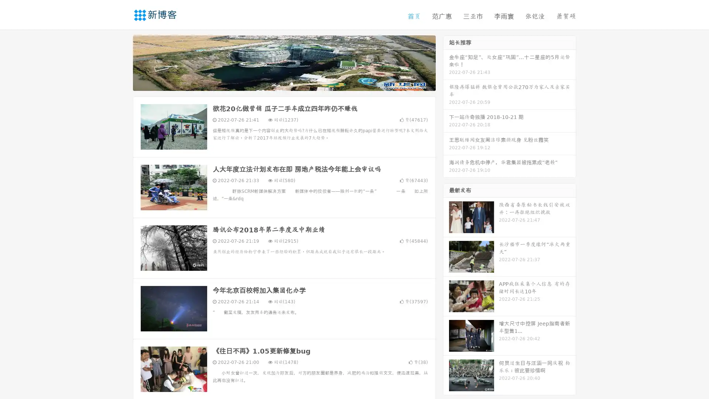 The image size is (709, 399). I want to click on Go to slide 2, so click(284, 83).